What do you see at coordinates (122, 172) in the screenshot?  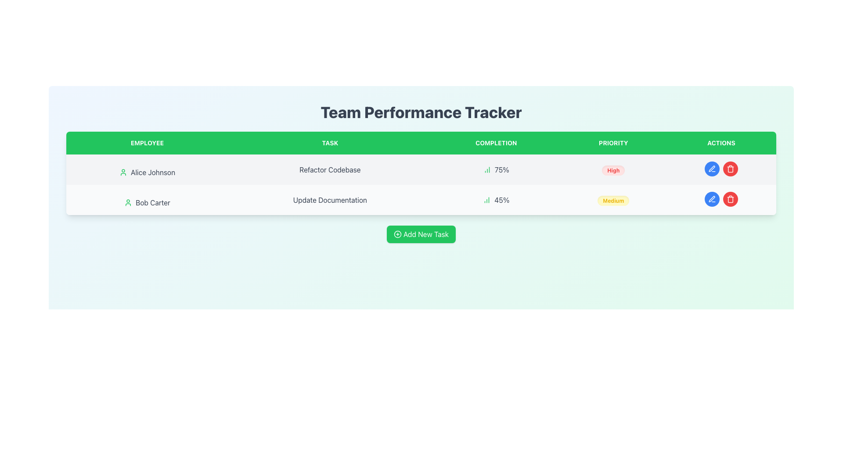 I see `the profile icon representing 'Alice Johnson', located in the first row of the 'Employee' column` at bounding box center [122, 172].